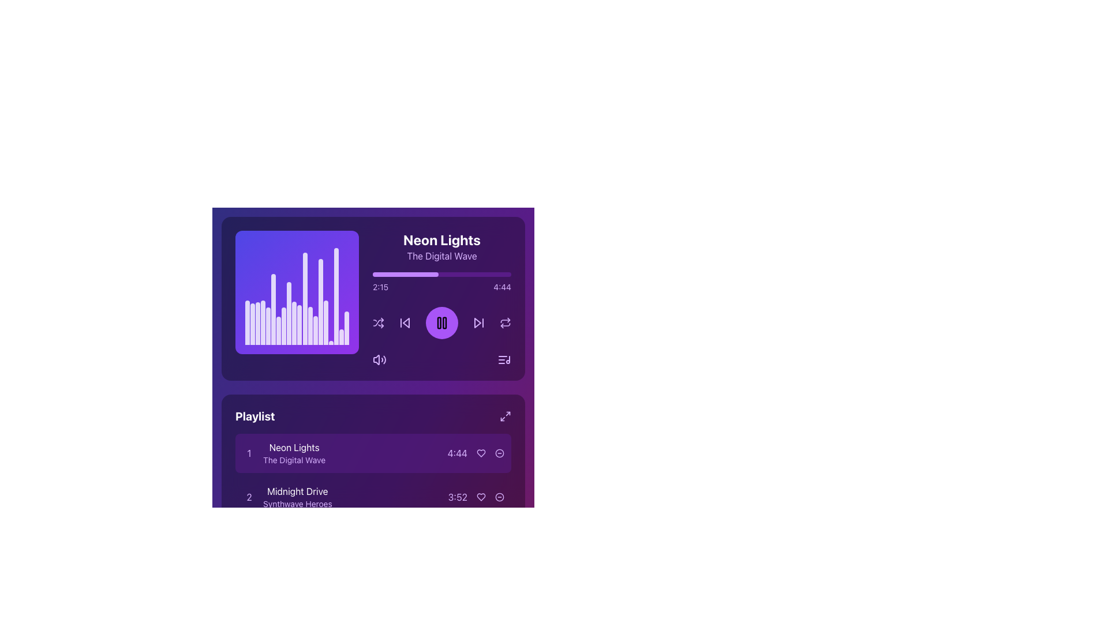 The width and height of the screenshot is (1108, 623). Describe the element at coordinates (479, 322) in the screenshot. I see `the skip forward button located in the control bar of the music player, which is the fourth icon from the left` at that location.